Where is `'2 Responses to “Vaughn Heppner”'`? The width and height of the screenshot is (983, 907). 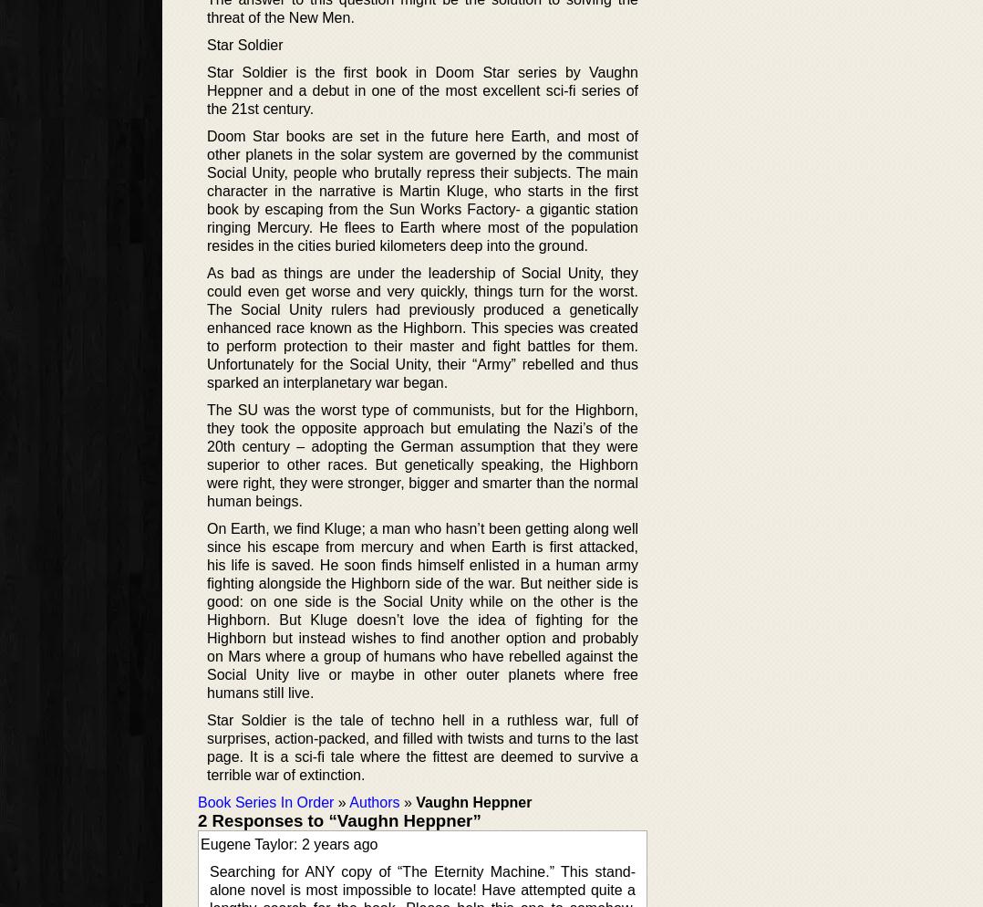 '2 Responses to “Vaughn Heppner”' is located at coordinates (198, 819).